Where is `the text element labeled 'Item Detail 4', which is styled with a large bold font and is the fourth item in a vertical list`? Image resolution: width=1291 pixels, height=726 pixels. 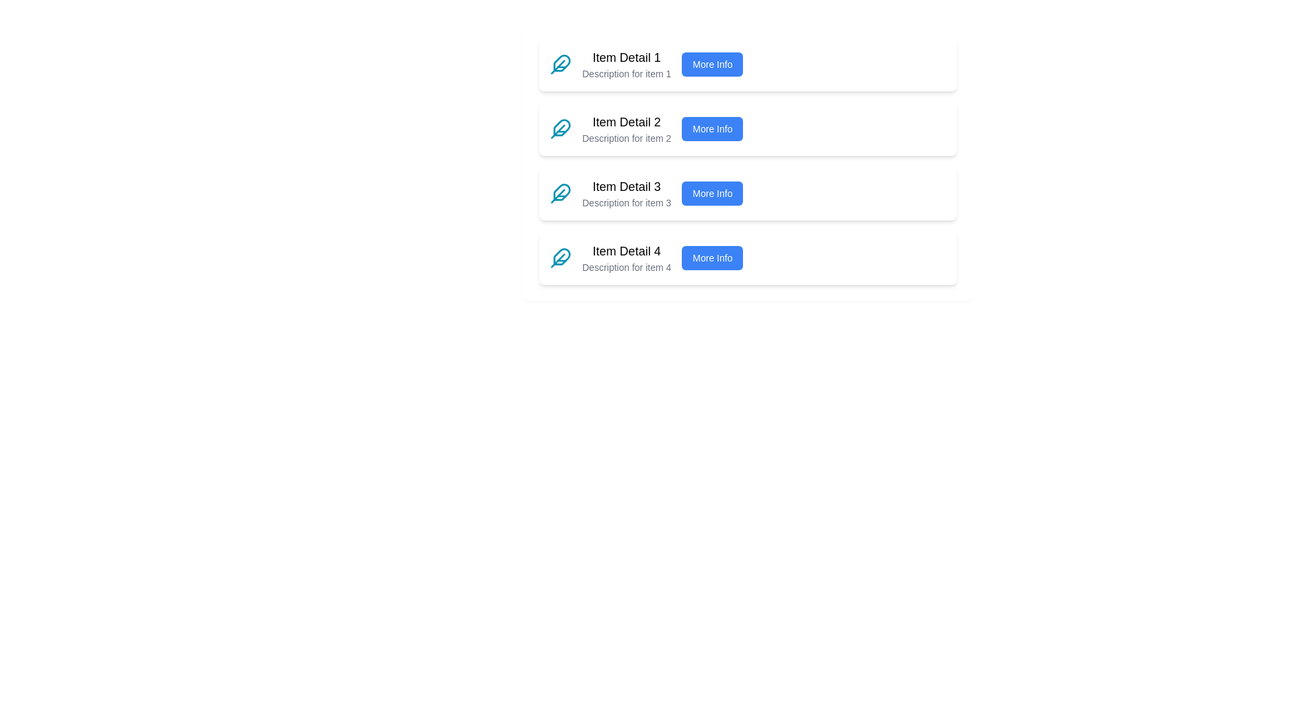
the text element labeled 'Item Detail 4', which is styled with a large bold font and is the fourth item in a vertical list is located at coordinates (626, 251).